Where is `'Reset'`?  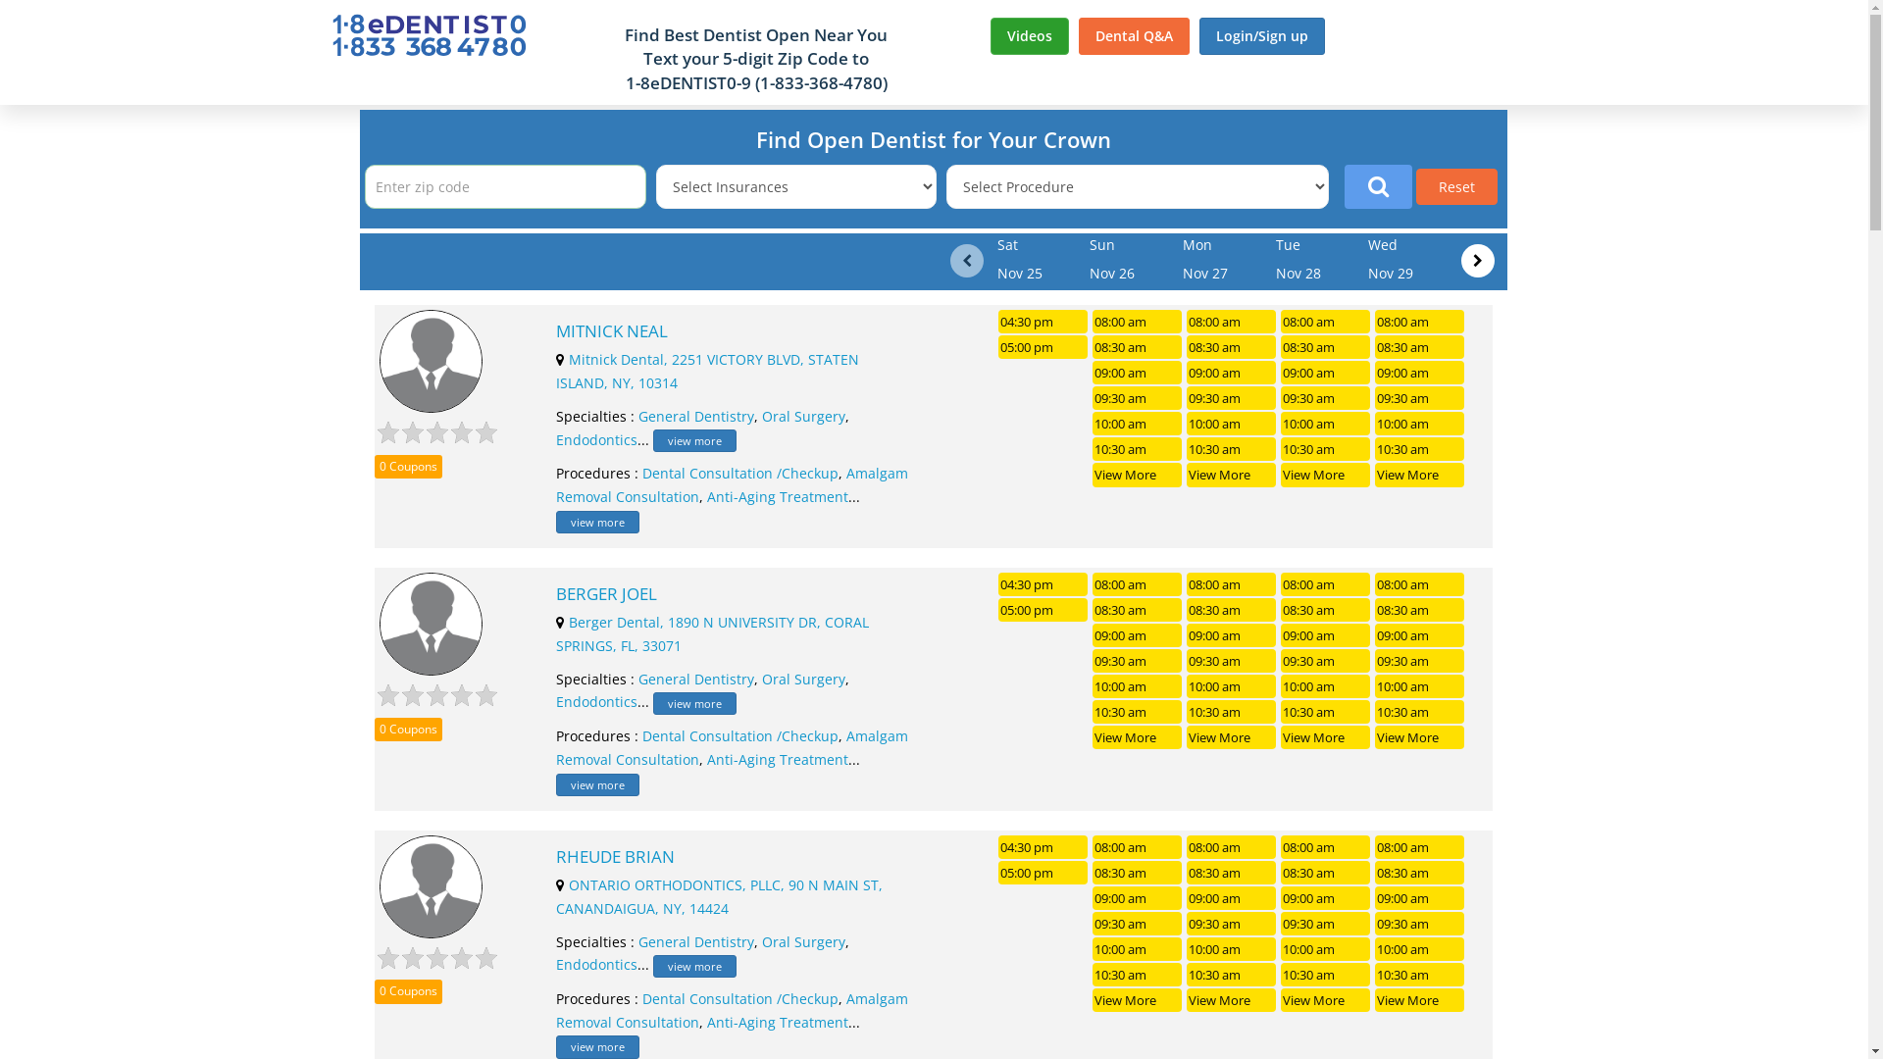 'Reset' is located at coordinates (1456, 186).